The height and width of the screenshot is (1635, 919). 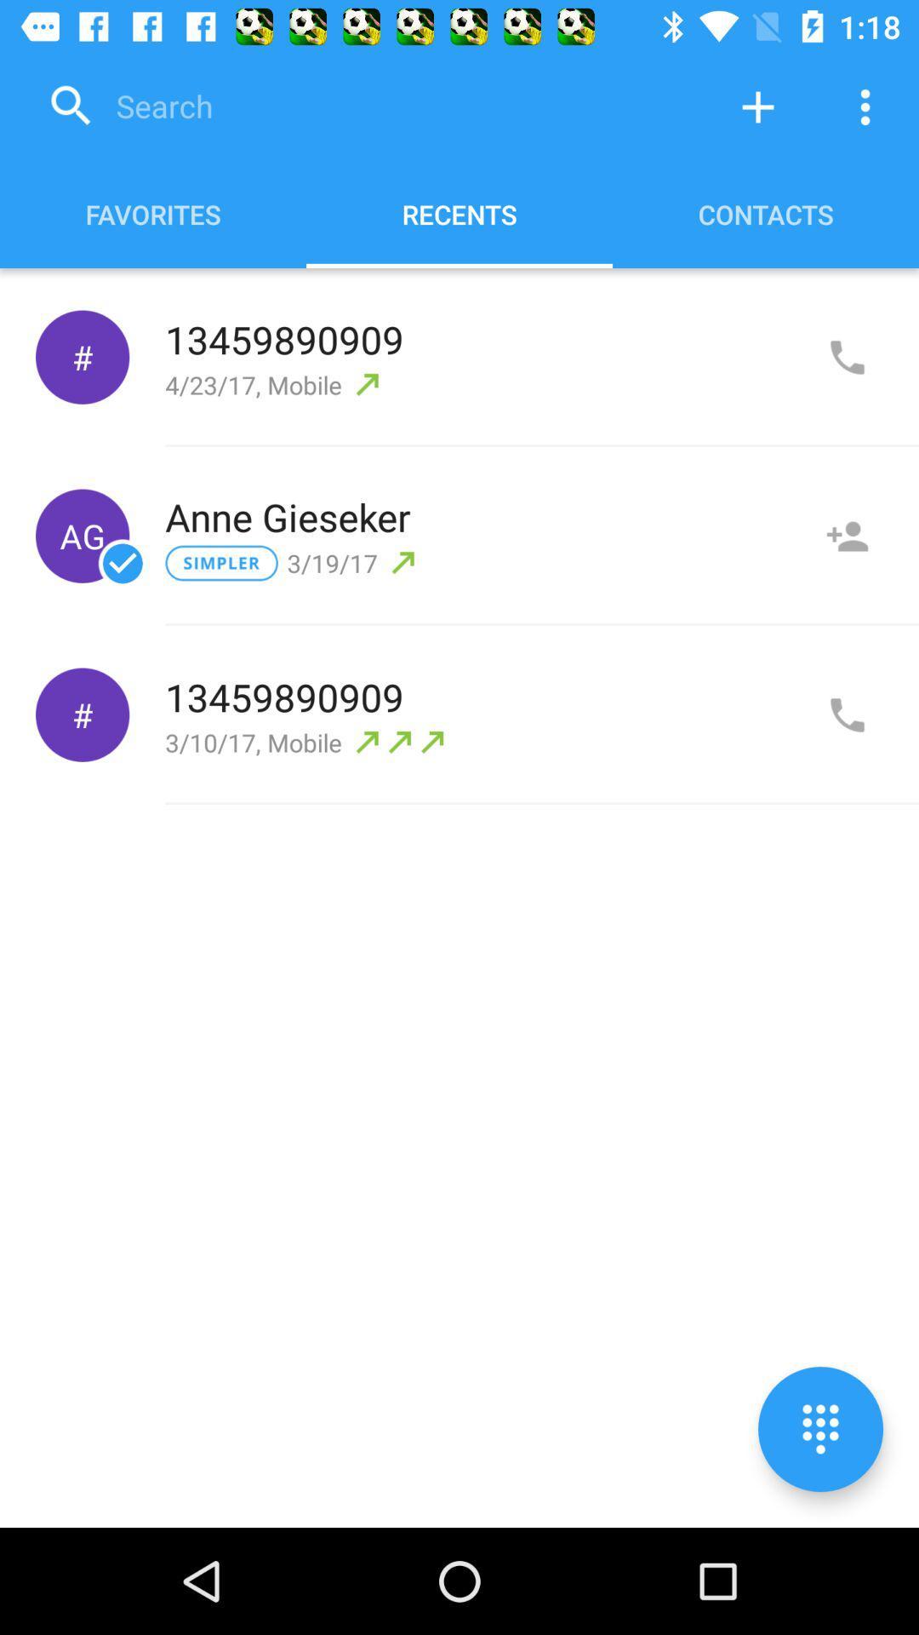 I want to click on call button, so click(x=847, y=715).